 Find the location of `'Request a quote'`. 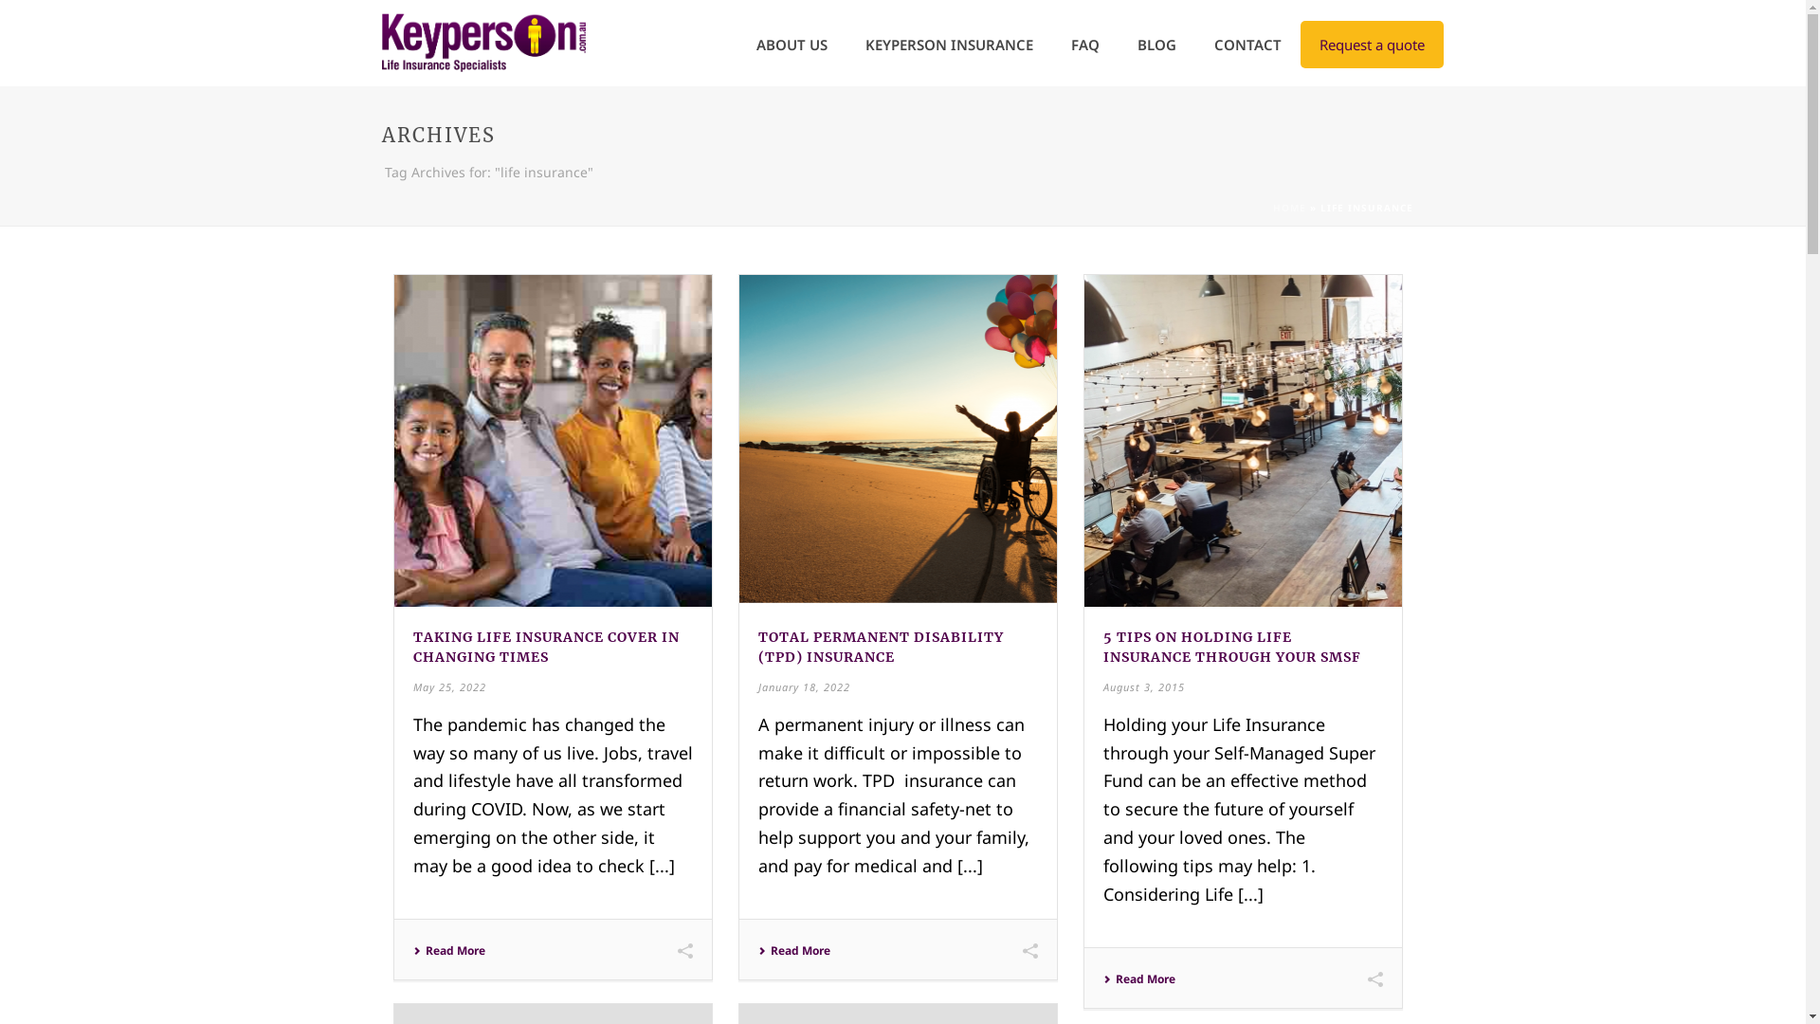

'Request a quote' is located at coordinates (1300, 43).